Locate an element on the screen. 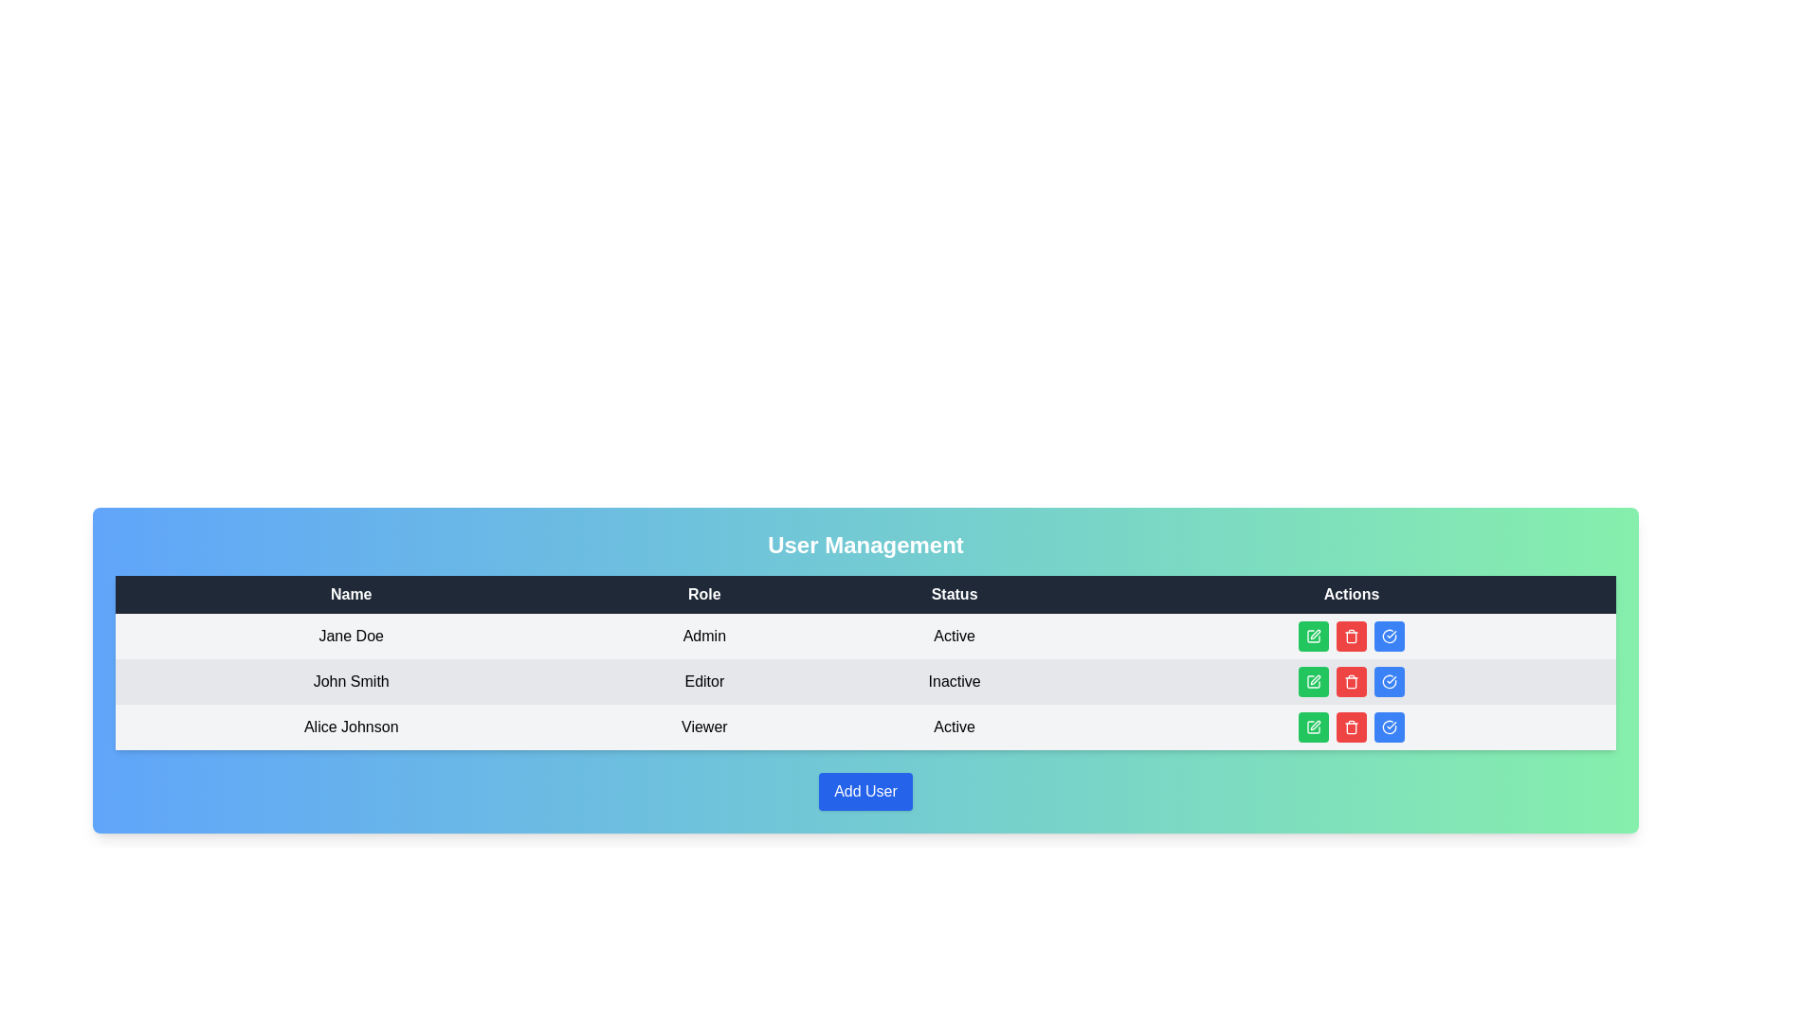  the 'Role' header text in the second column of the table, which is displayed in light-colored font on a dark background is located at coordinates (703, 594).